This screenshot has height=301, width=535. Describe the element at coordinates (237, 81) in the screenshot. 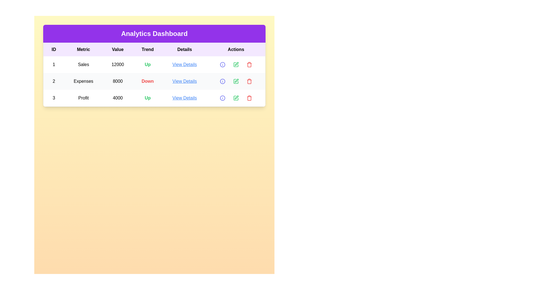

I see `the edit button, which is a green pen icon located in the 'Actions' column of the second row of the table` at that location.